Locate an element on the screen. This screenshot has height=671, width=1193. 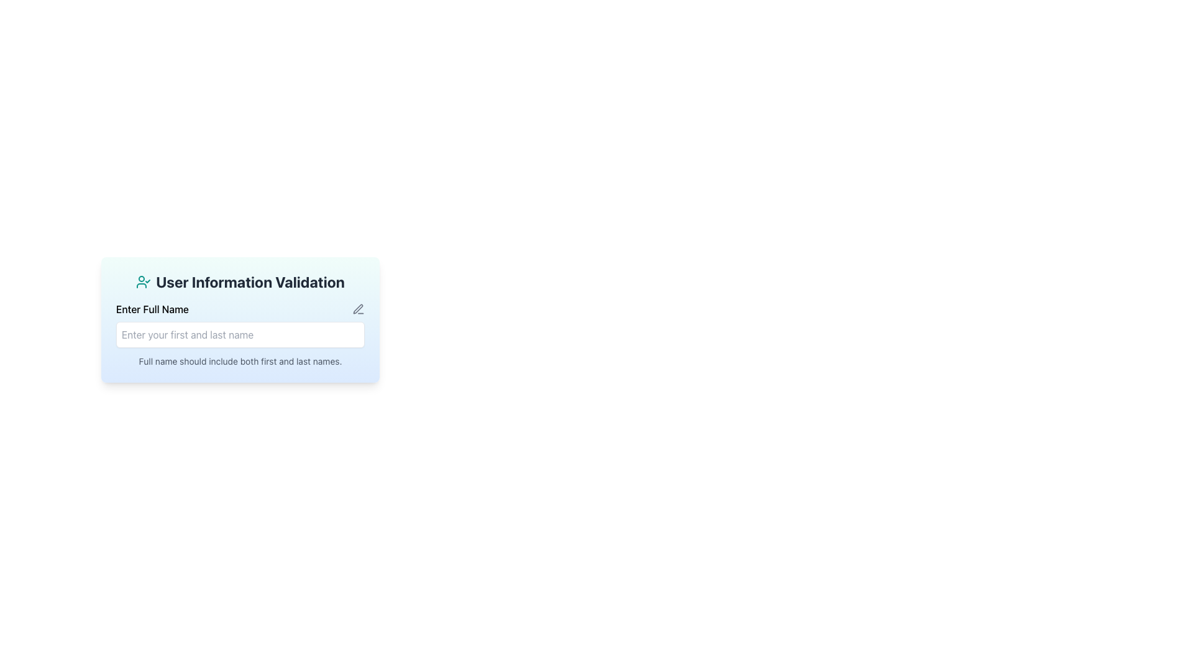
the error icon located at the top right of the 'Enter Full Name' input field is located at coordinates (357, 308).